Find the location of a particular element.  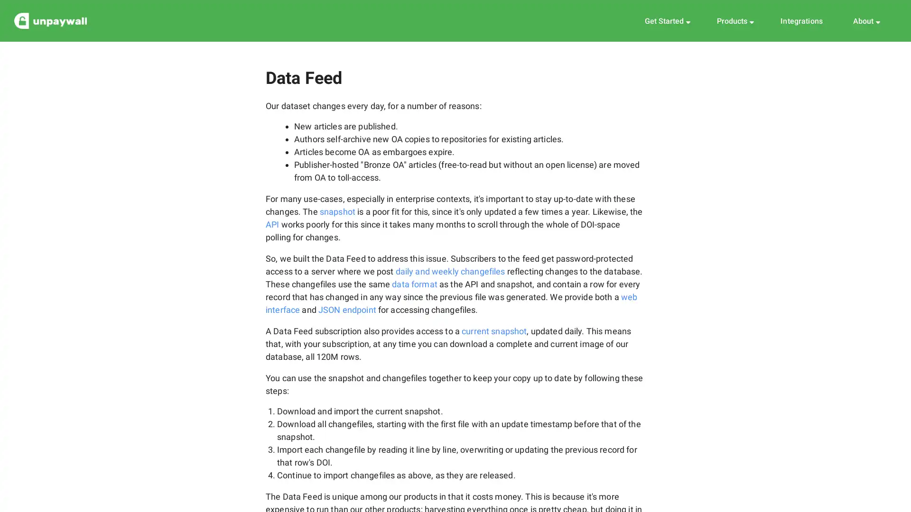

About is located at coordinates (866, 20).